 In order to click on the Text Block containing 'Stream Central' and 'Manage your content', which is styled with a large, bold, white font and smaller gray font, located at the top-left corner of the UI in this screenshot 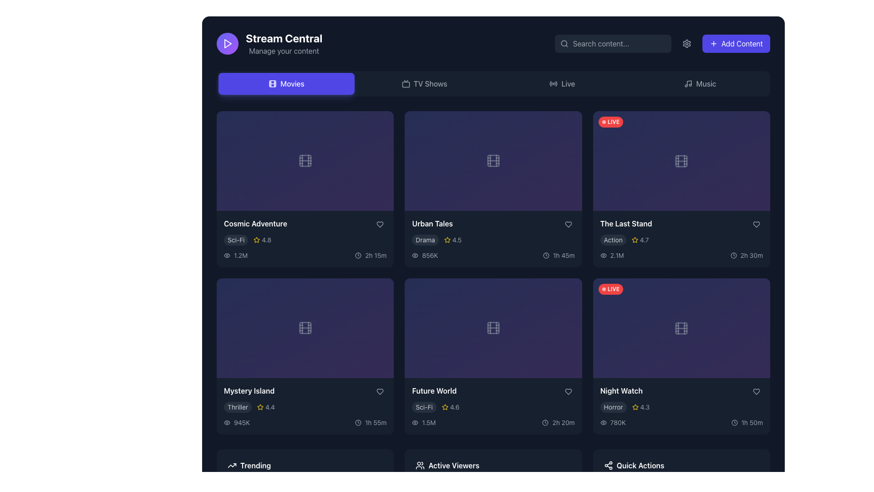, I will do `click(284, 44)`.